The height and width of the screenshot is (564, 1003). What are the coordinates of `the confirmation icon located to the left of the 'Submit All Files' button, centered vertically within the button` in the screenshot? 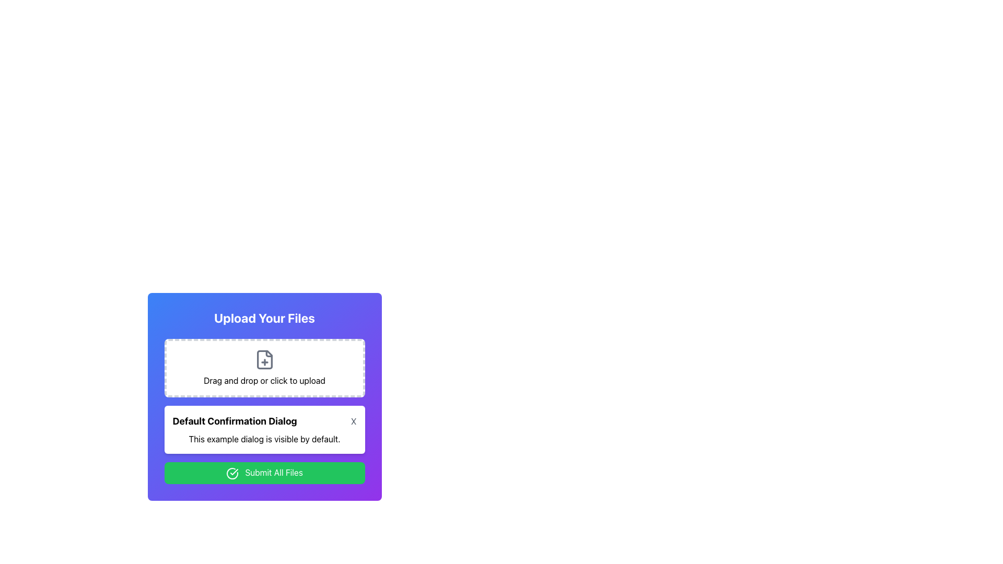 It's located at (232, 473).